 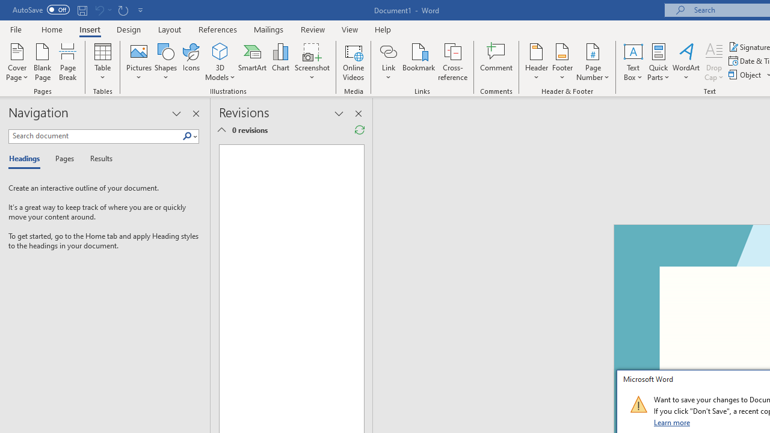 I want to click on 'WordArt', so click(x=686, y=62).